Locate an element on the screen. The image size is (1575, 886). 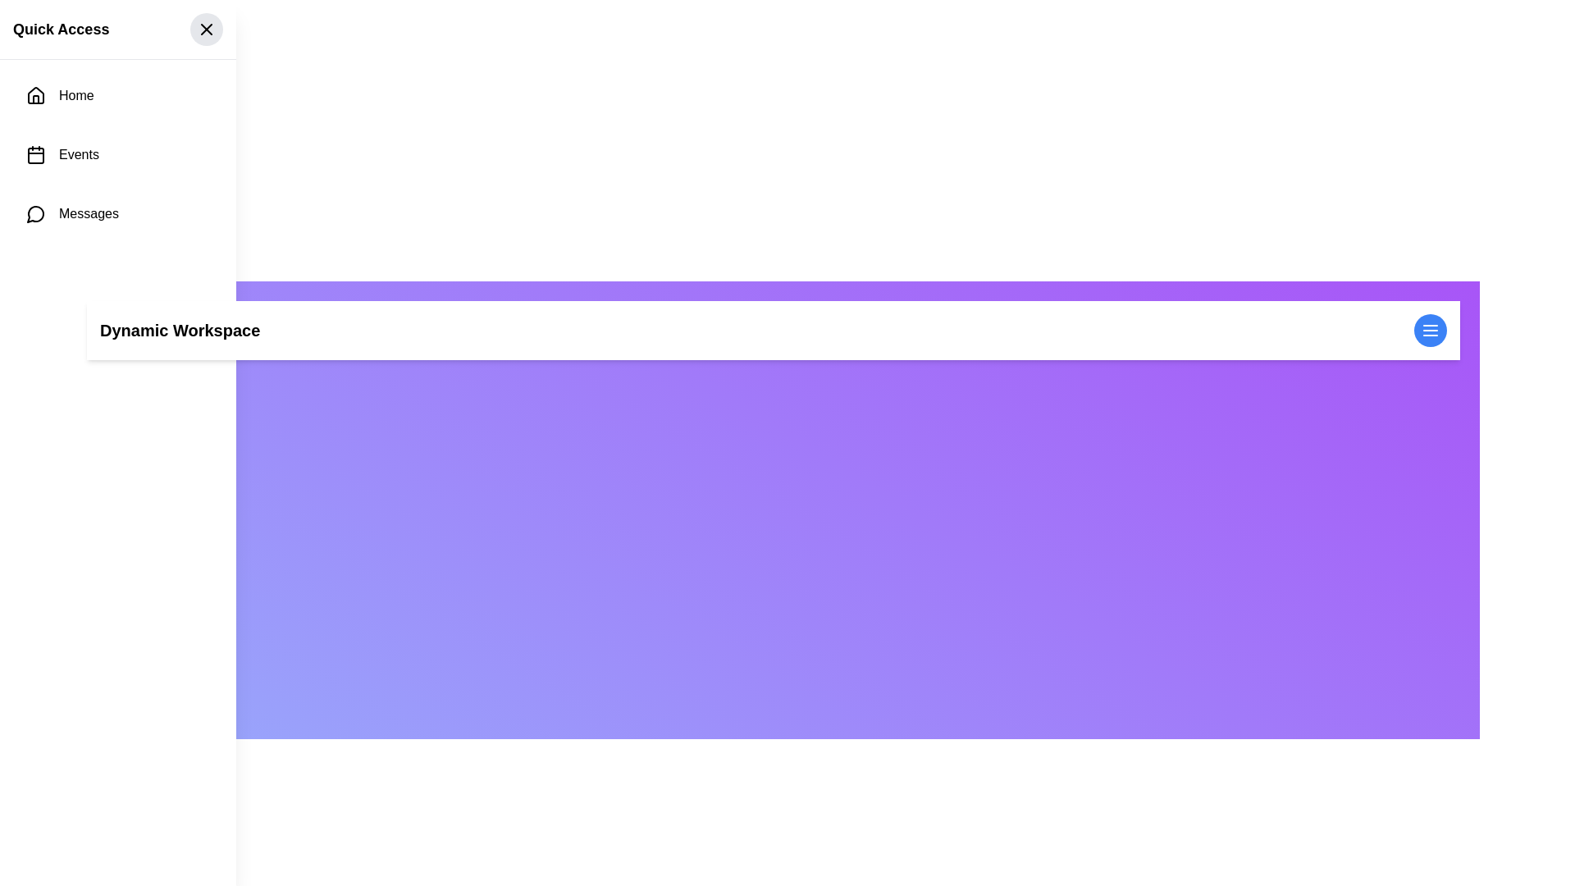
the small circular icon associated with the 'Messages' menu item is located at coordinates (35, 213).